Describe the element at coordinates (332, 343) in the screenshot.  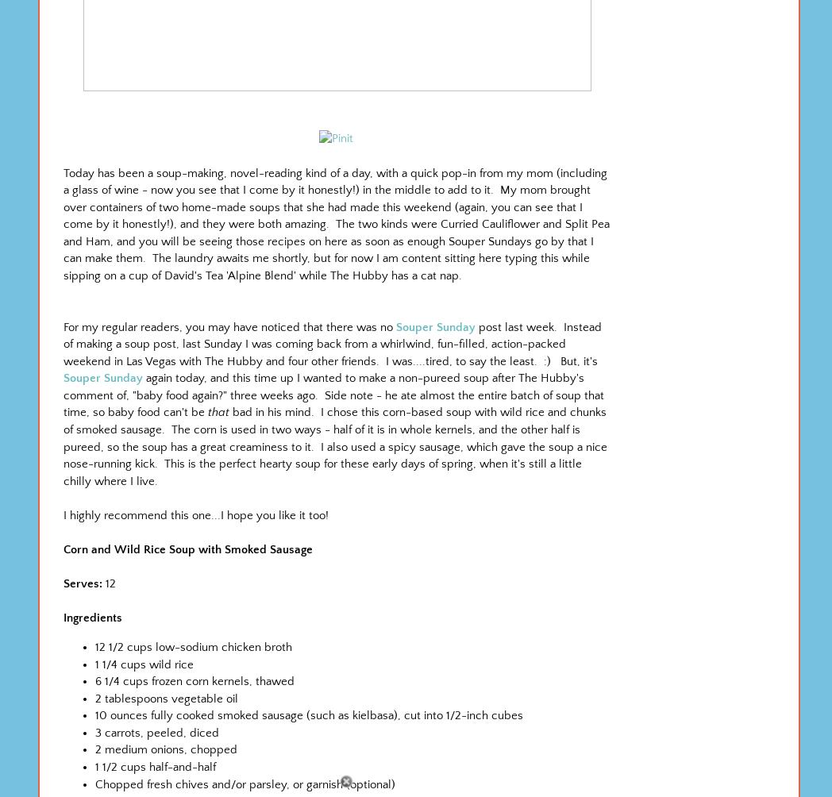
I see `'post last week.  Instead of making a soup post, last Sunday I was coming back from a whirlwind, fun-filled, action-packed weekend in Las Vegas with The Hubby and four other friends.  I was....tired, to say the least.  :)   But, it's'` at that location.